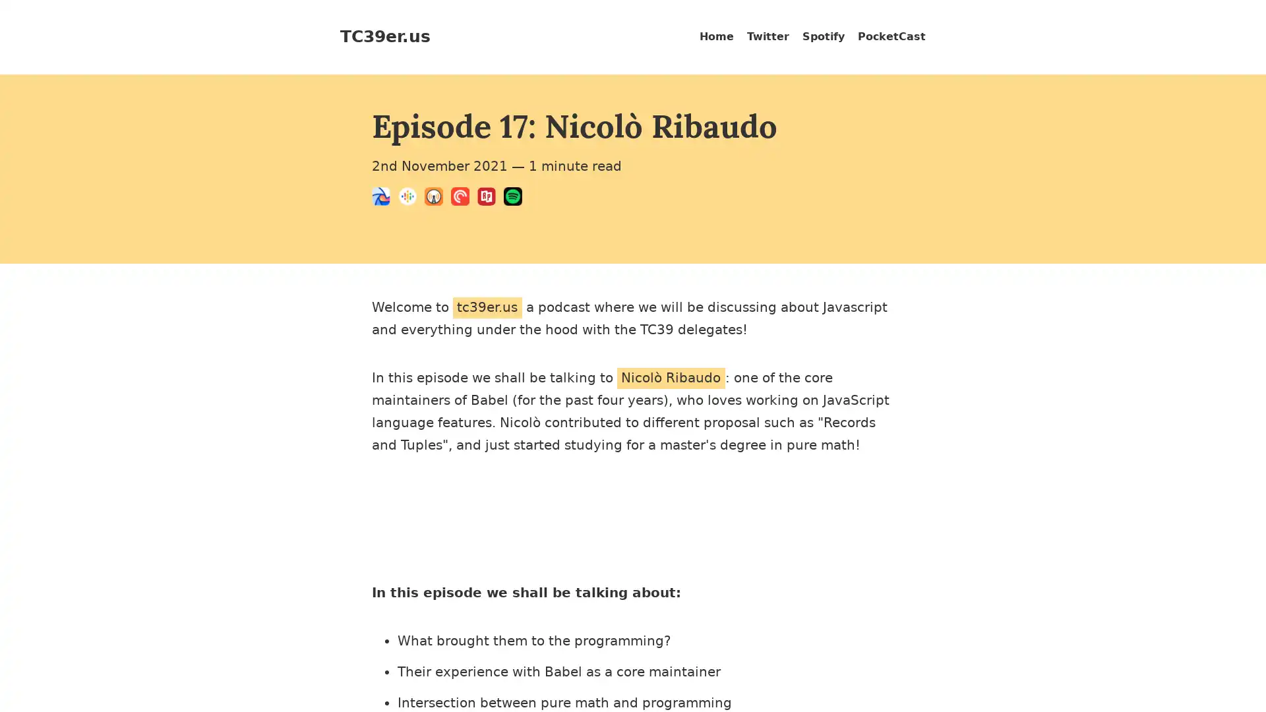 The width and height of the screenshot is (1266, 712). What do you see at coordinates (437, 198) in the screenshot?
I see `Overcast Logo` at bounding box center [437, 198].